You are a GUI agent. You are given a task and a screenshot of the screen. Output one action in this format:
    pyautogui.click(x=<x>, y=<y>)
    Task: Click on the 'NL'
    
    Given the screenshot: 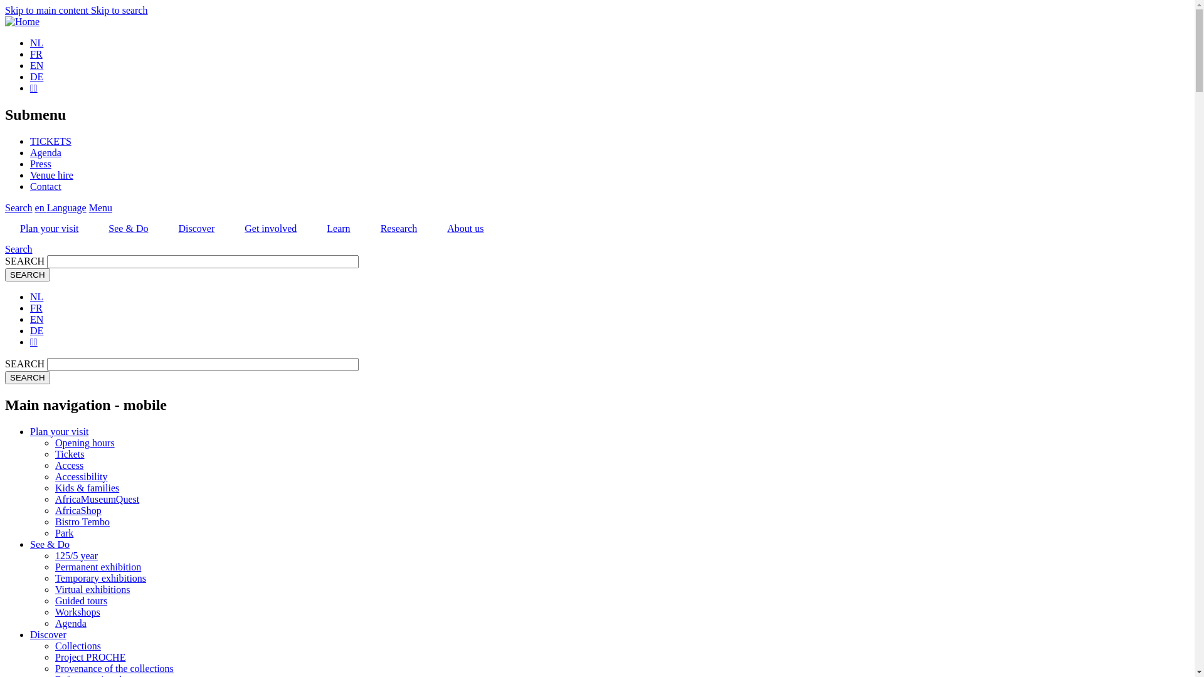 What is the action you would take?
    pyautogui.click(x=36, y=297)
    